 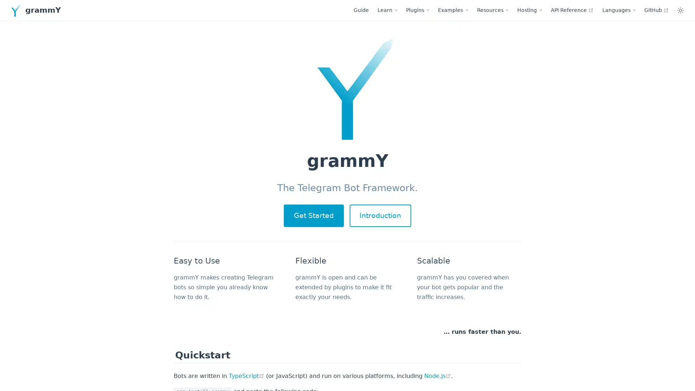 I want to click on Search, so click(x=657, y=10).